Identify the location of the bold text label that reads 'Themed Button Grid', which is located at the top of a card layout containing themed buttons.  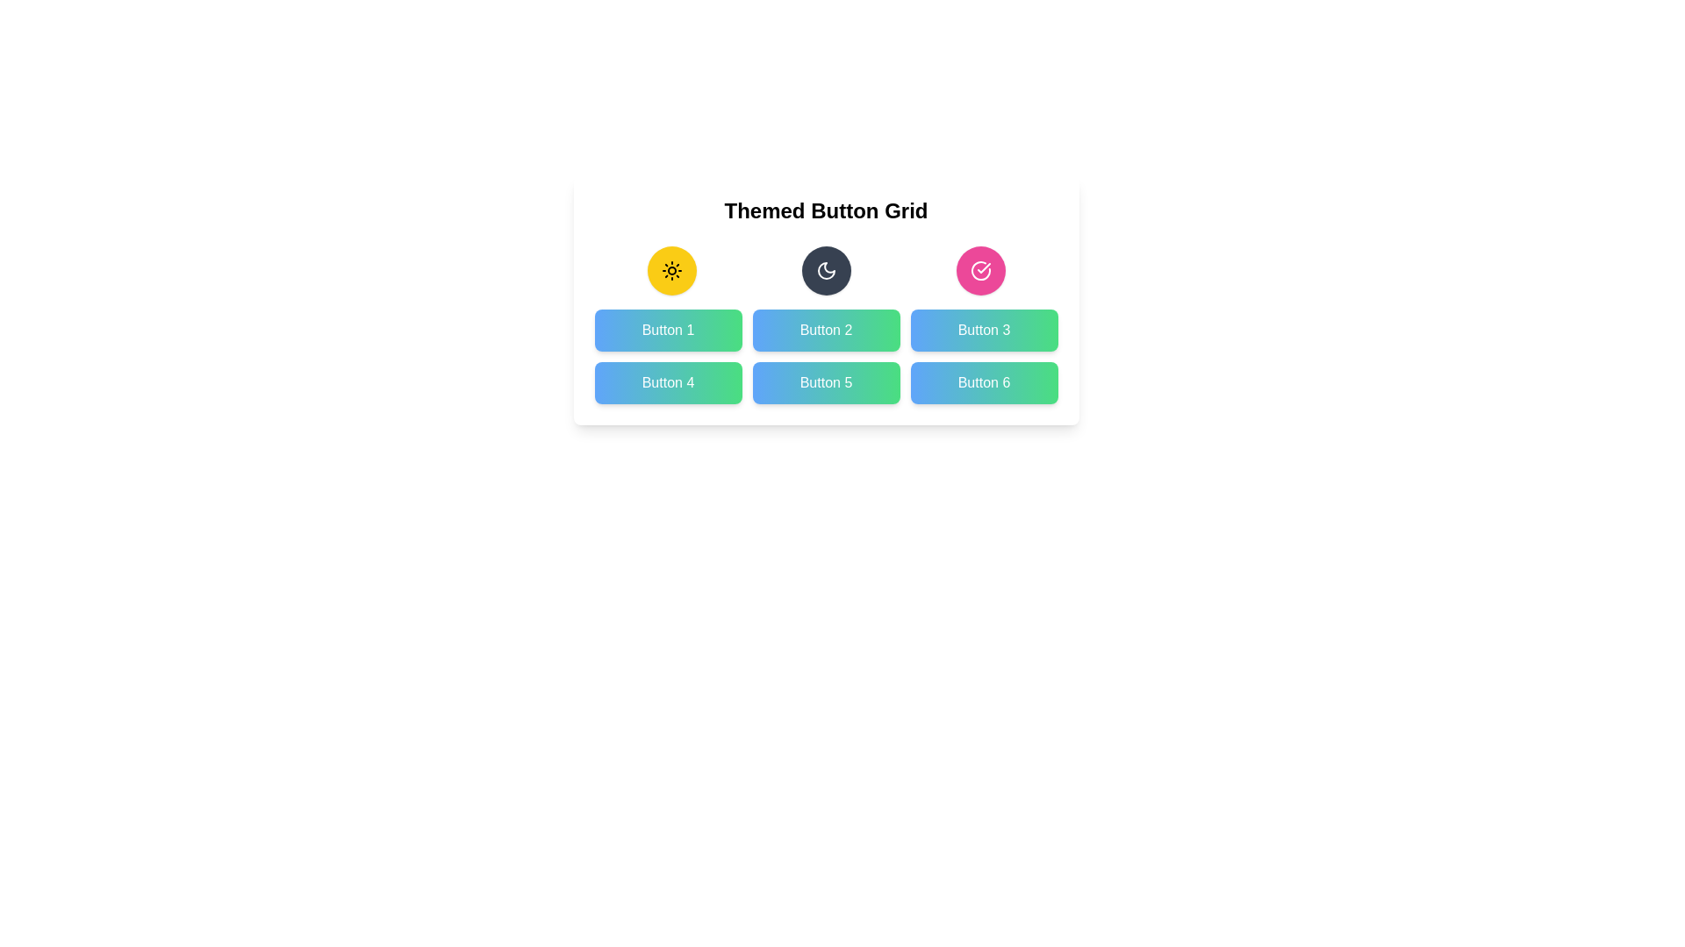
(825, 210).